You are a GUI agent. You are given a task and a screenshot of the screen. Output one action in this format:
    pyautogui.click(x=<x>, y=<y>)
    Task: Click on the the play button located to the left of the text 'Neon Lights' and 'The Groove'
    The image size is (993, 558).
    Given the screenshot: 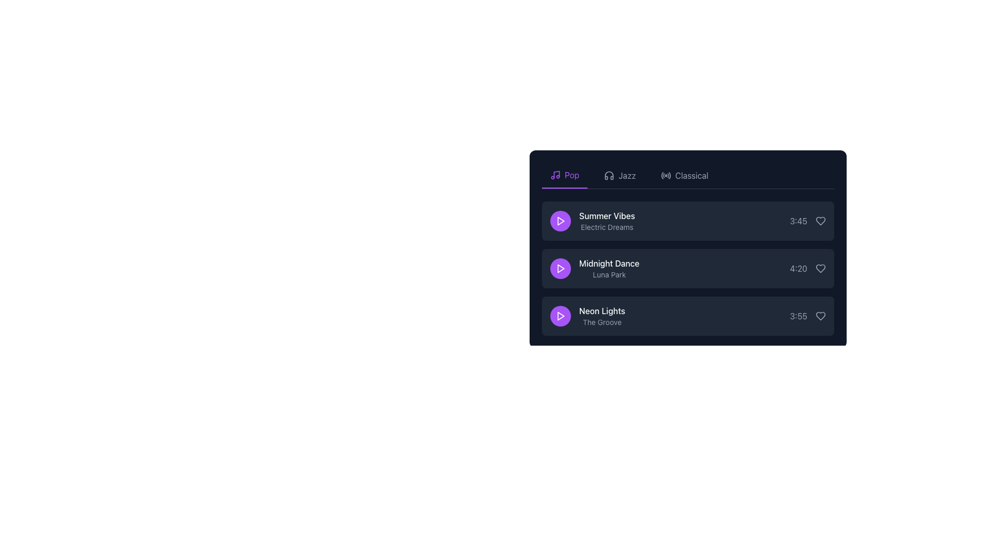 What is the action you would take?
    pyautogui.click(x=560, y=316)
    